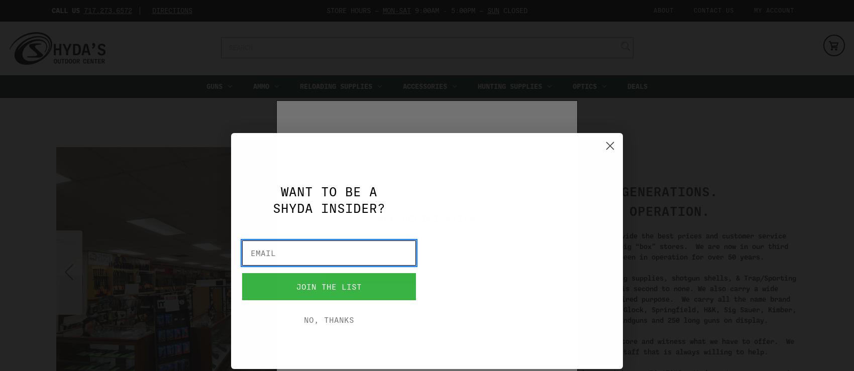 The width and height of the screenshot is (854, 371). What do you see at coordinates (616, 345) in the screenshot?
I see `'We welcome and encourage you to stop by our store and witness what we have to offer.  We have a very knowledgeable and friendly staff that is always willing to help.'` at bounding box center [616, 345].